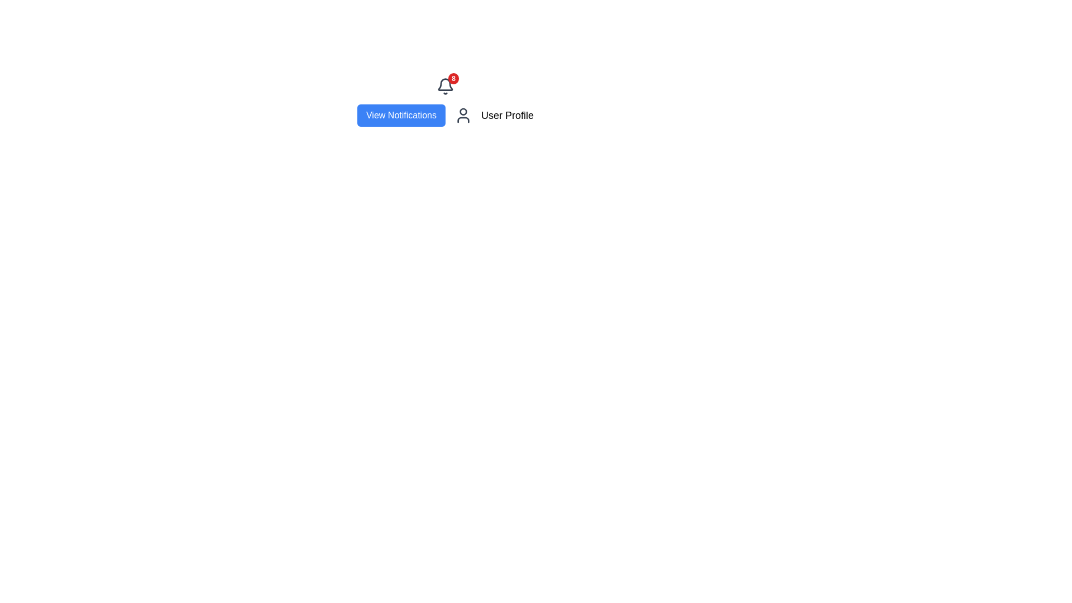  Describe the element at coordinates (444, 116) in the screenshot. I see `the 'View Notifications' button within the grouped UI element that also includes an icon and a textual label for user profile access` at that location.